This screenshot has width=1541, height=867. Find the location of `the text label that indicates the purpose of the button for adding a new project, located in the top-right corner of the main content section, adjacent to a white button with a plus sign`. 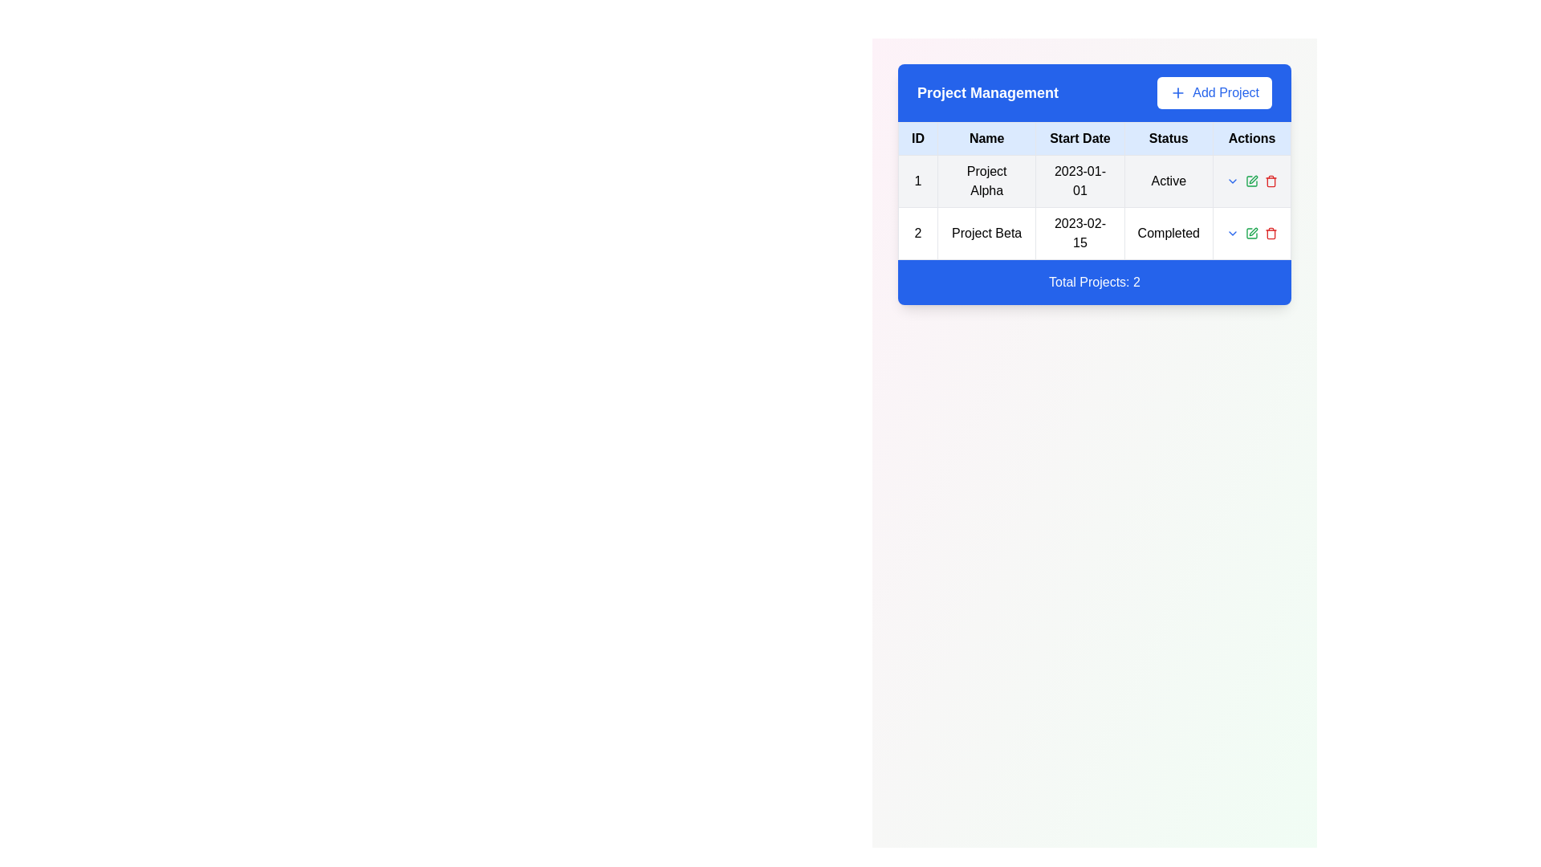

the text label that indicates the purpose of the button for adding a new project, located in the top-right corner of the main content section, adjacent to a white button with a plus sign is located at coordinates (1225, 92).